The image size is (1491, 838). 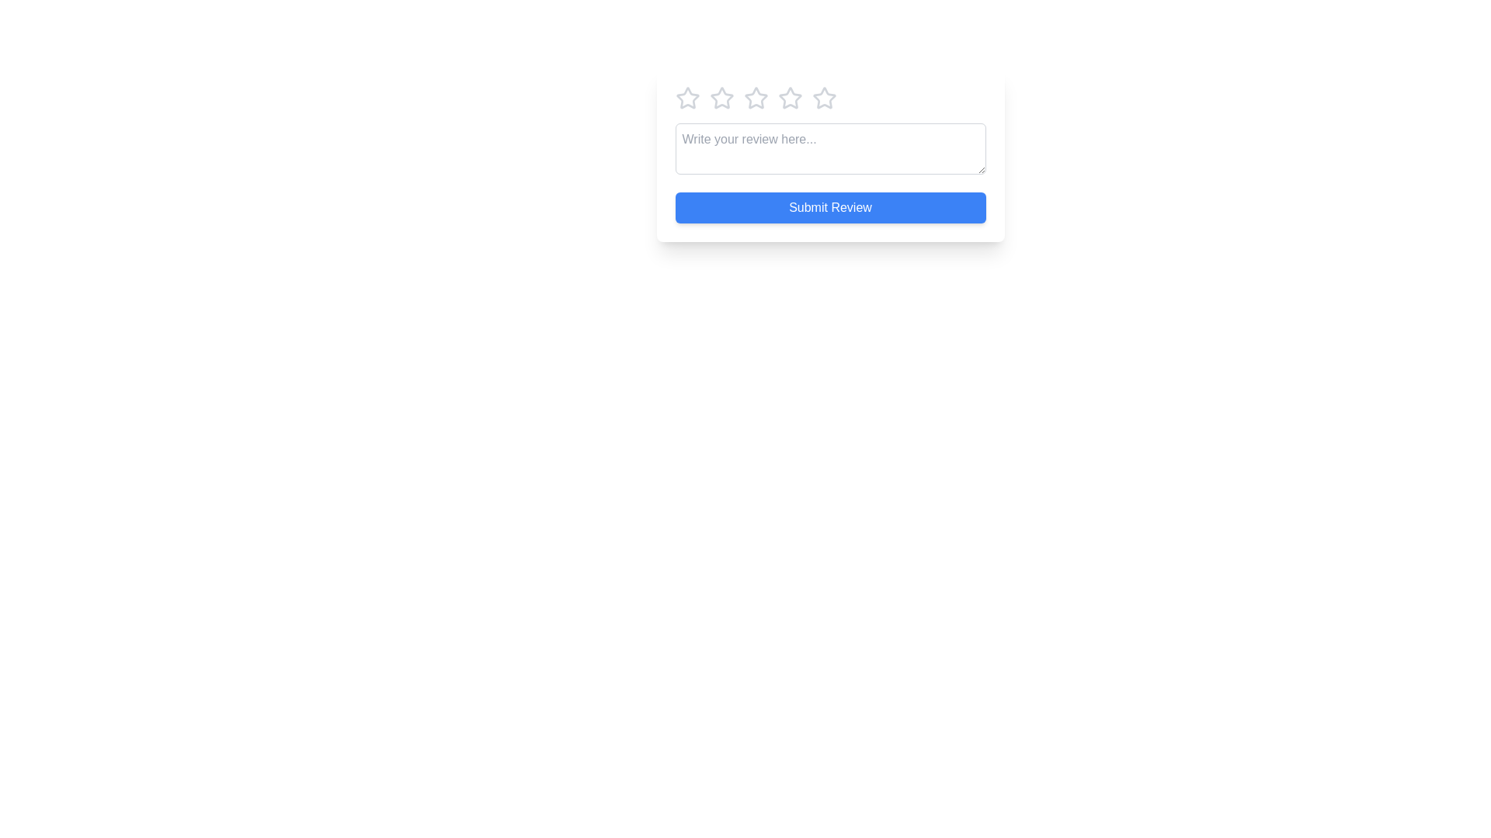 What do you see at coordinates (823, 99) in the screenshot?
I see `the rightmost rating star icon` at bounding box center [823, 99].